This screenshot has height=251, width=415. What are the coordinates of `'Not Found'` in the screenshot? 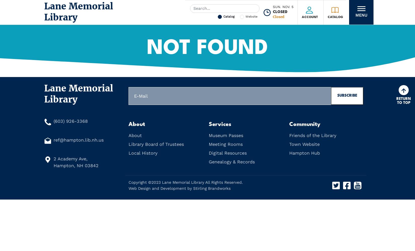 It's located at (207, 48).